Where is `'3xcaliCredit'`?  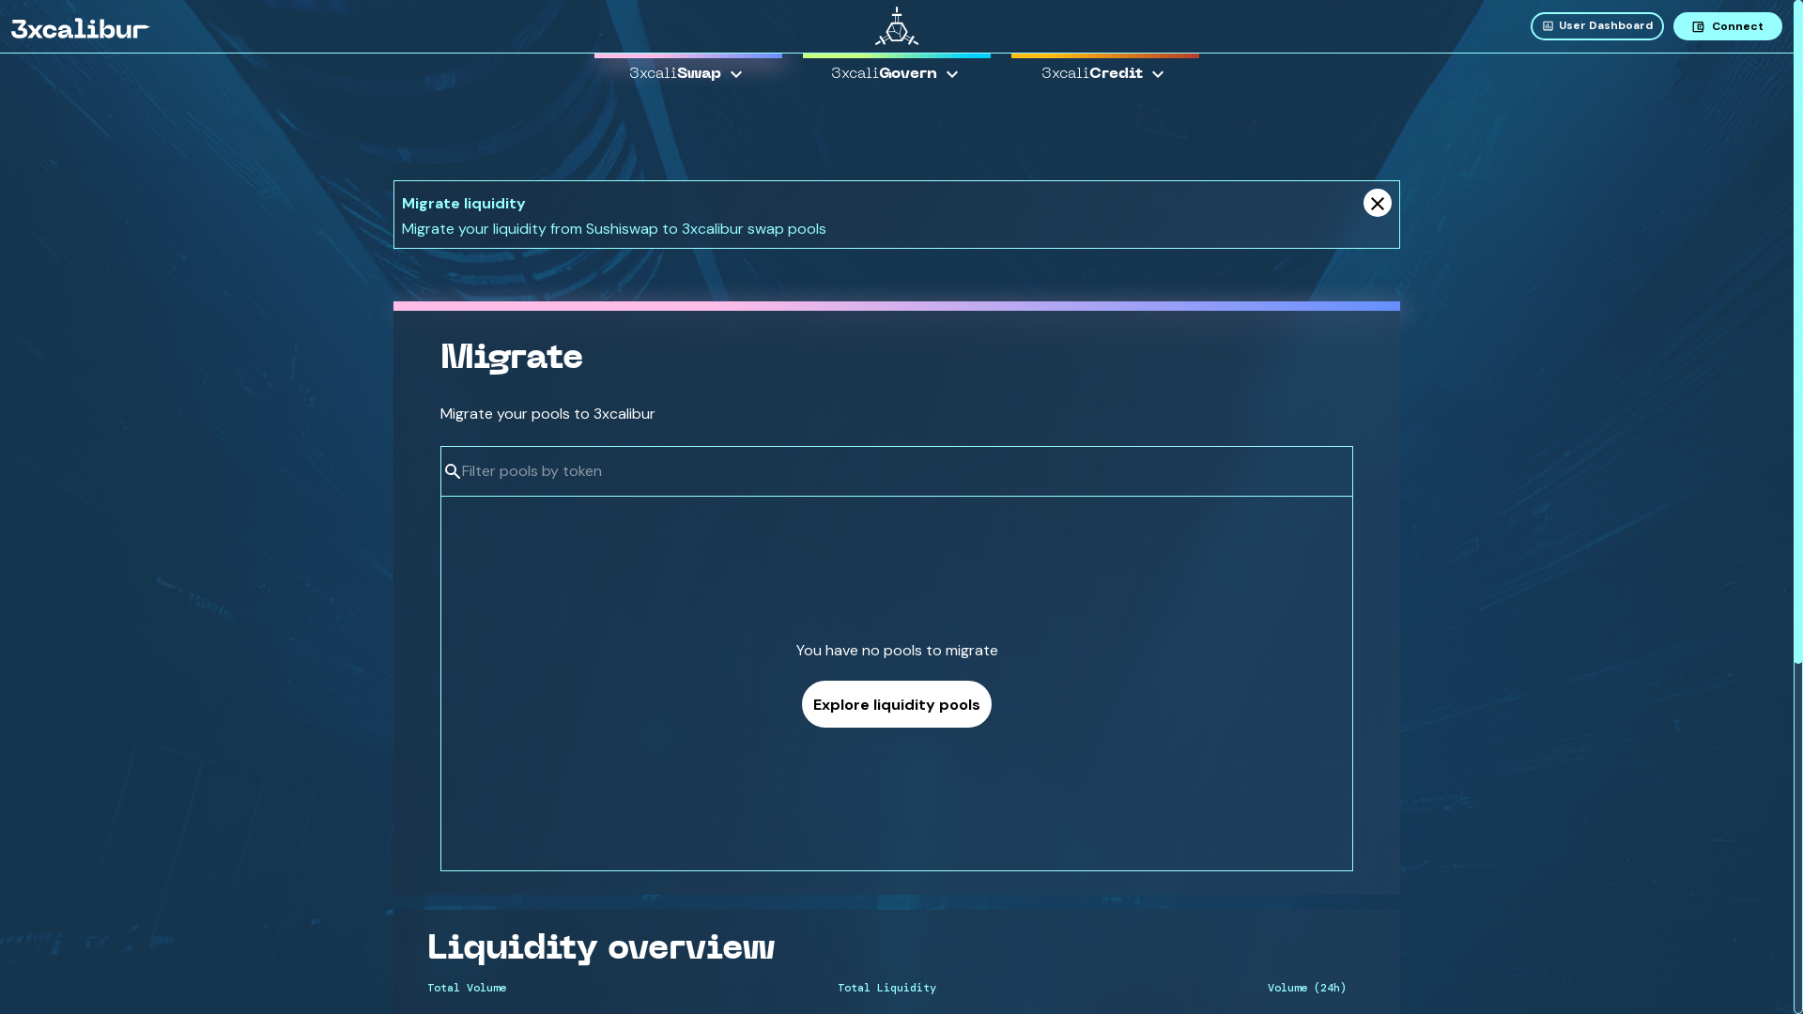
'3xcaliCredit' is located at coordinates (1104, 71).